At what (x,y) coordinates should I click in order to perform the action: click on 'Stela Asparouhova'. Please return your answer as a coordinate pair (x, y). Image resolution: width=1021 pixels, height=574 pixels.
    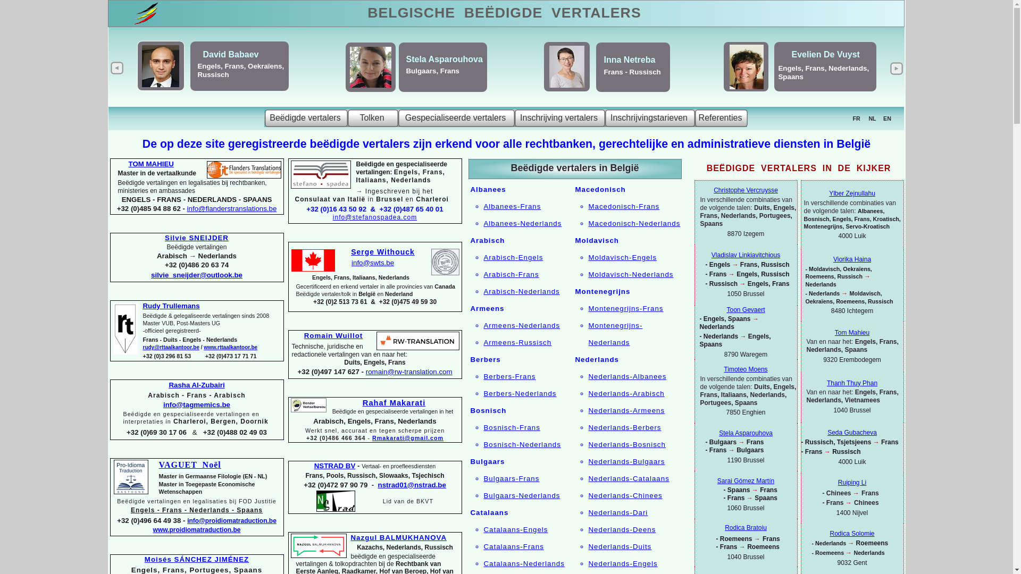
    Looking at the image, I should click on (745, 433).